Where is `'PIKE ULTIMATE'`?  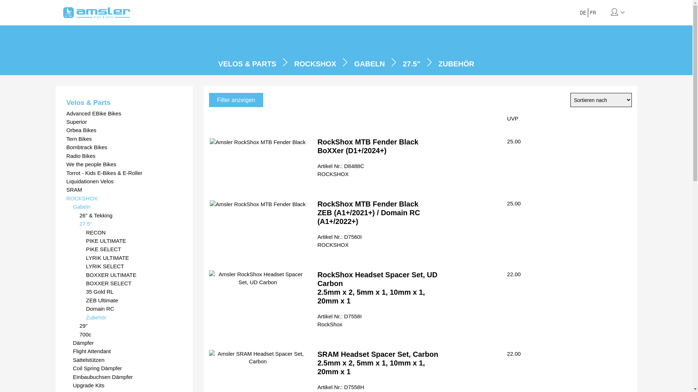 'PIKE ULTIMATE' is located at coordinates (134, 241).